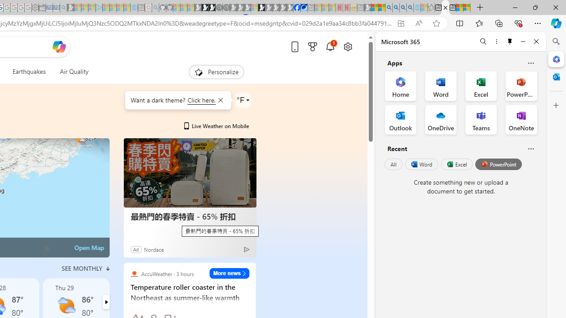  Describe the element at coordinates (389, 8) in the screenshot. I see `'Bing AI - Search'` at that location.